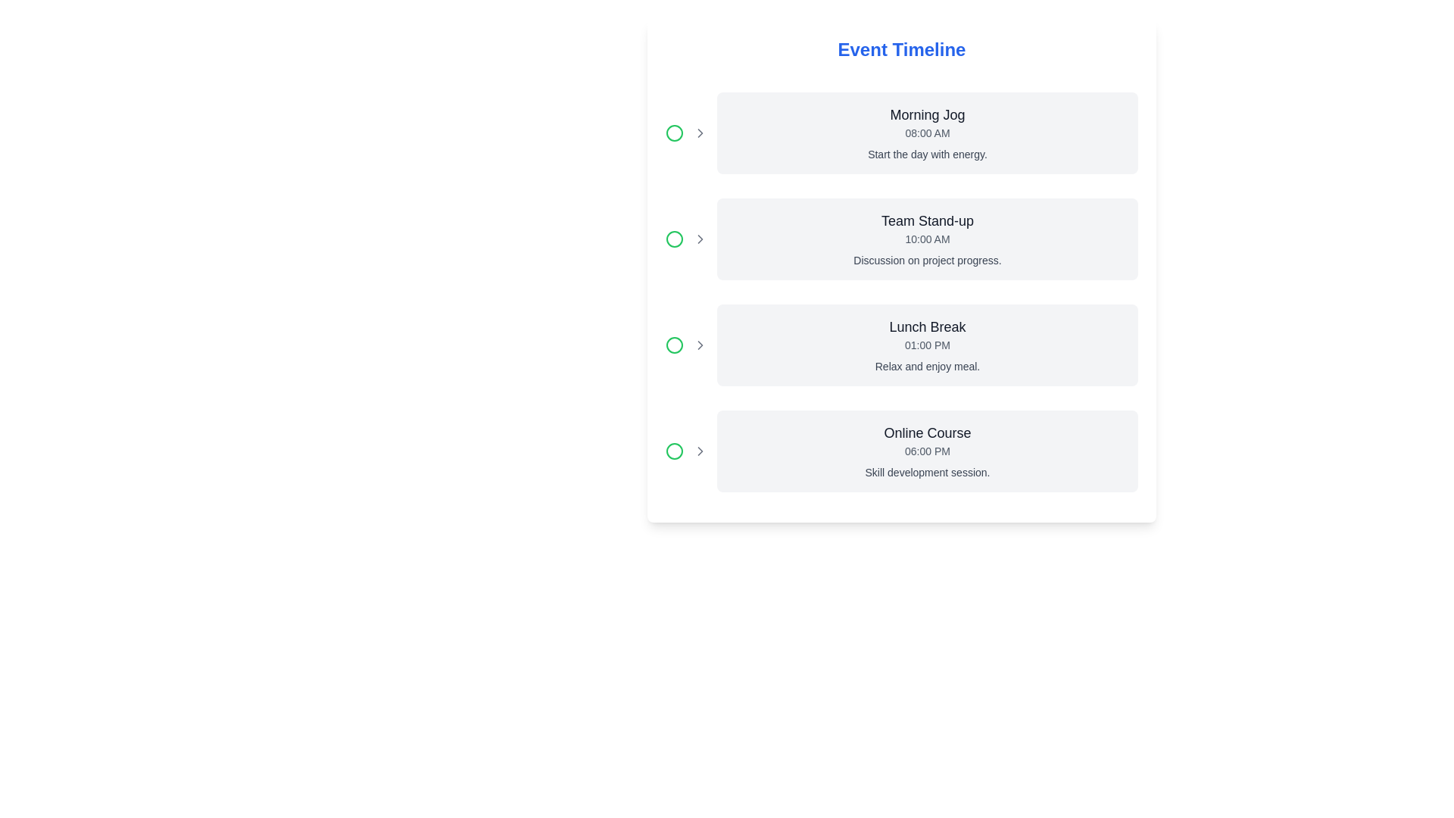 The width and height of the screenshot is (1454, 818). I want to click on the chevron arrow icon located to the right of the circular status indicator of the fourth event entry titled 'Online Course' in the Event Timeline, so click(700, 451).